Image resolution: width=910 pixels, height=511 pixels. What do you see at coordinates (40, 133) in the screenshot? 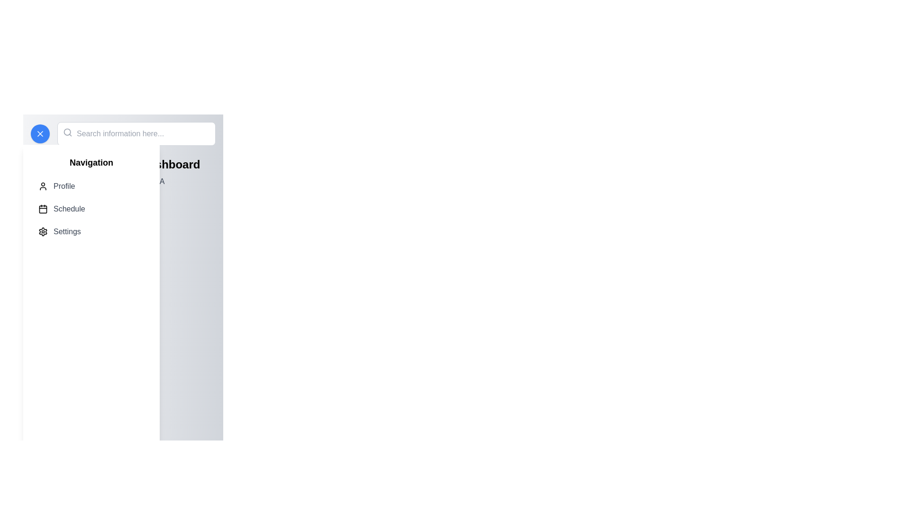
I see `the circular blue button with a white 'X' icon` at bounding box center [40, 133].